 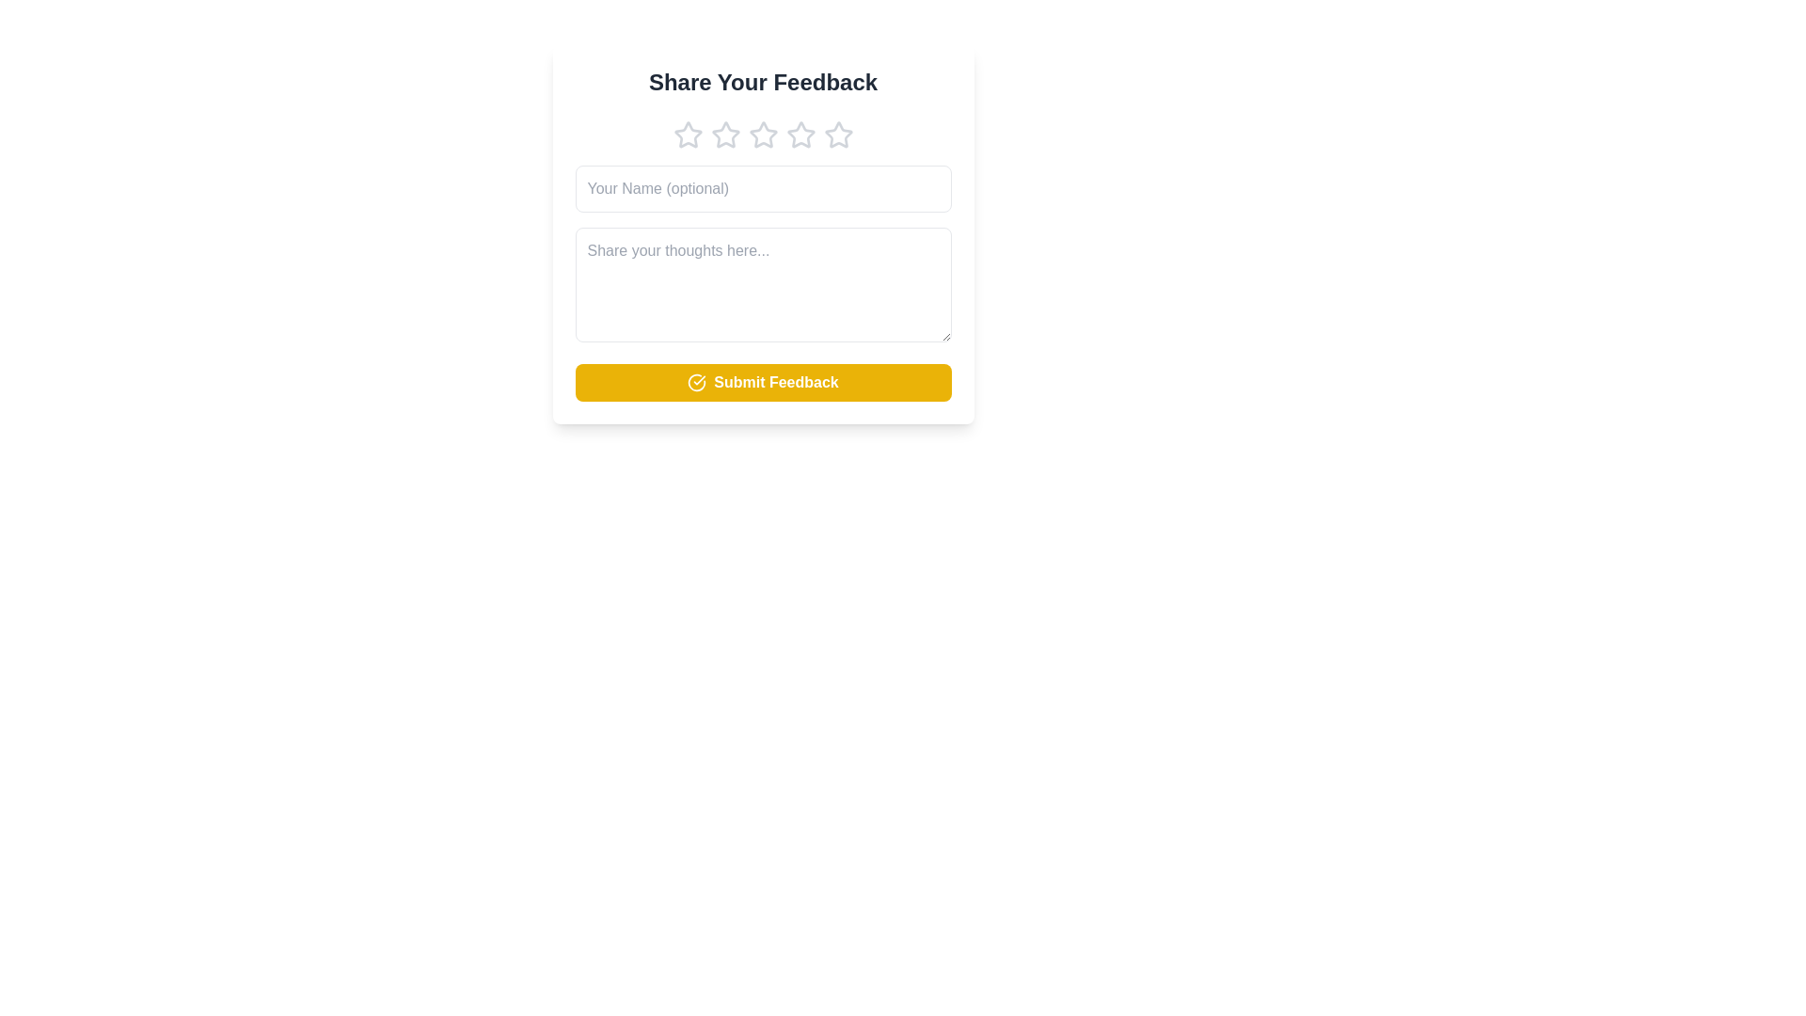 I want to click on the decorative arc element within the Submit Feedback button's SVG icon, which has a stroke appearance and is part of the larger circular icon, so click(x=696, y=382).